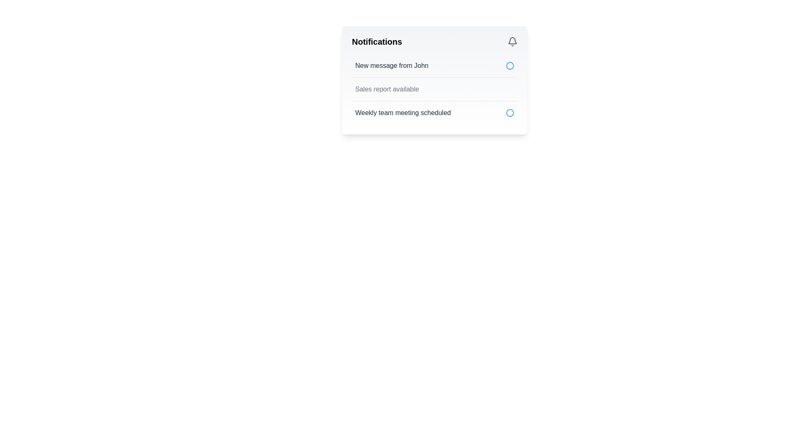 The height and width of the screenshot is (447, 795). What do you see at coordinates (386, 89) in the screenshot?
I see `notification text 'Sales report available' which is located in the notification box on the right side of the interface, positioned between 'New message from John' and 'Weekly team meeting scheduled'` at bounding box center [386, 89].